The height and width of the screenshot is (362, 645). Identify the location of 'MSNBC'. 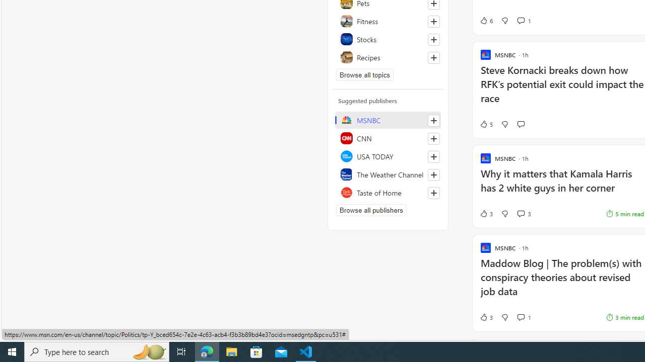
(388, 120).